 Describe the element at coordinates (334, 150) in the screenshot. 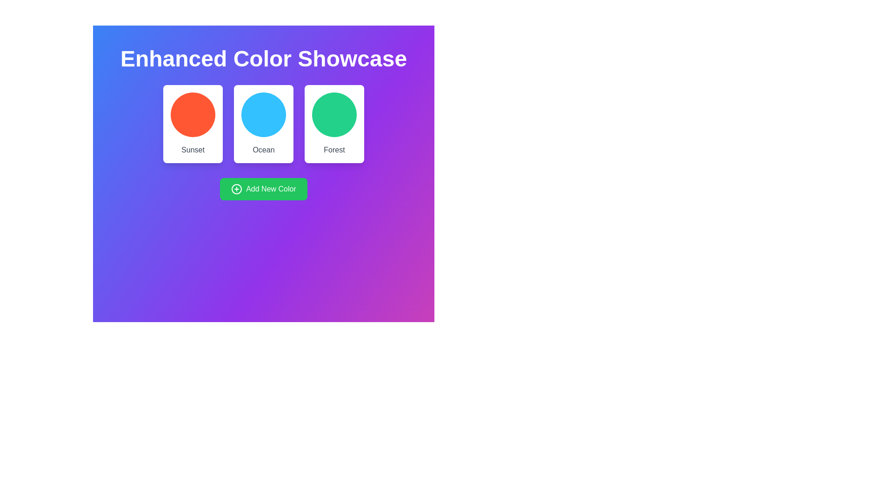

I see `the text label located at the bottom of the third card from the left, which contains textual information about the card's content` at that location.